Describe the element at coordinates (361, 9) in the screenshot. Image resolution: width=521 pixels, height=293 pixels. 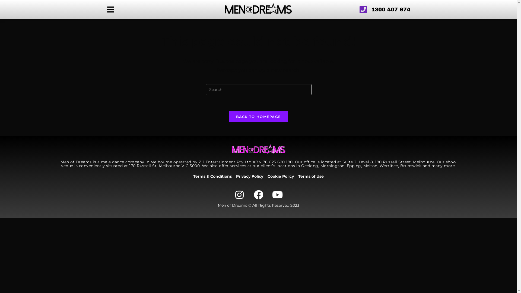
I see `'1300 407 674'` at that location.